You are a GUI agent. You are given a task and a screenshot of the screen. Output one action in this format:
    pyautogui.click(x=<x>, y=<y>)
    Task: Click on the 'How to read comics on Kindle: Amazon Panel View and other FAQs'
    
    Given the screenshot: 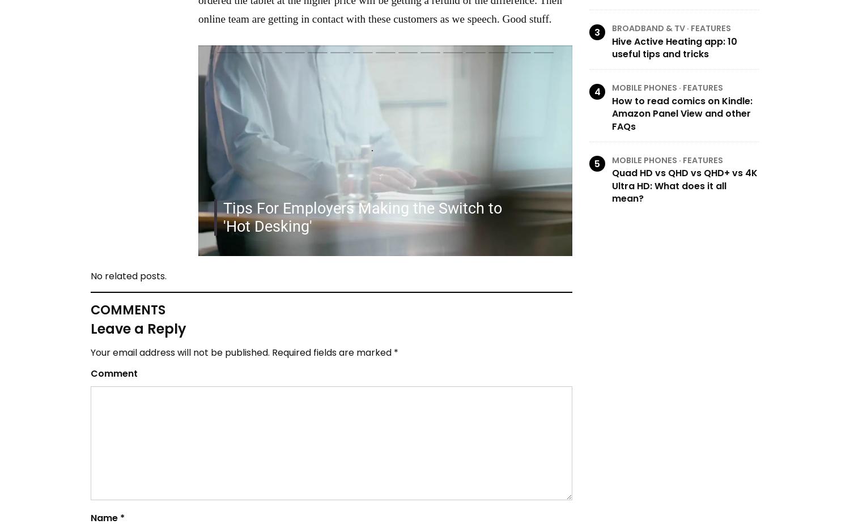 What is the action you would take?
    pyautogui.click(x=682, y=112)
    